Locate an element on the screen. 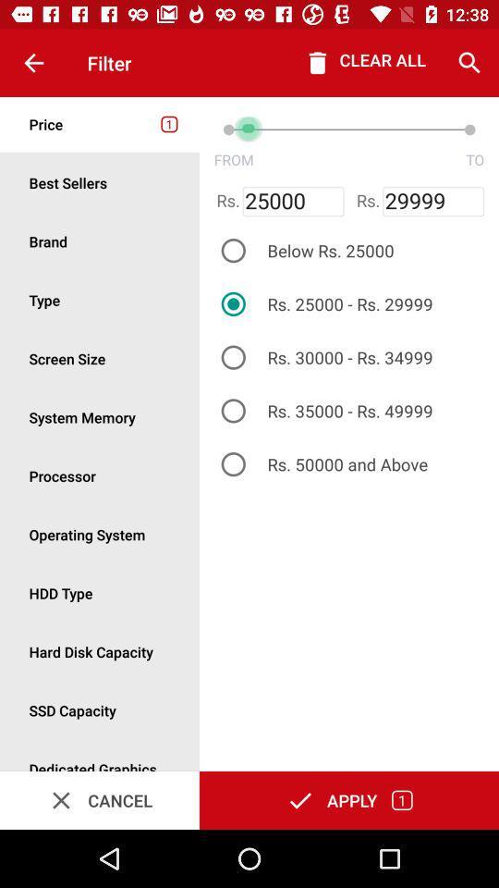 Image resolution: width=499 pixels, height=888 pixels. the more icon is located at coordinates (100, 357).